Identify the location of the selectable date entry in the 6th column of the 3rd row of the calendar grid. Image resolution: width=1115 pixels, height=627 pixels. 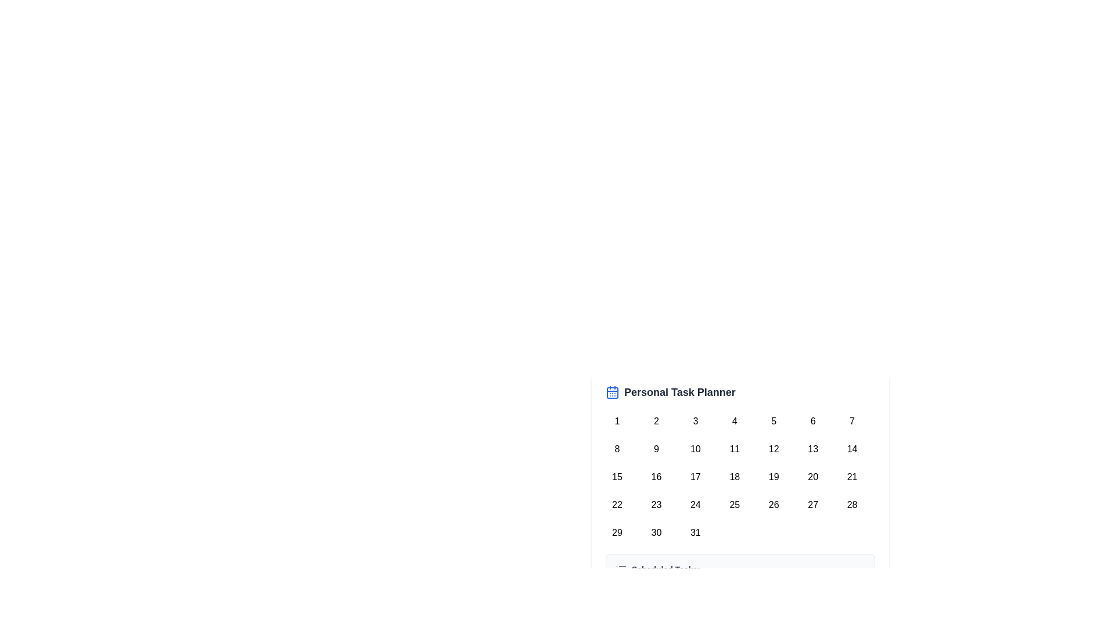
(812, 477).